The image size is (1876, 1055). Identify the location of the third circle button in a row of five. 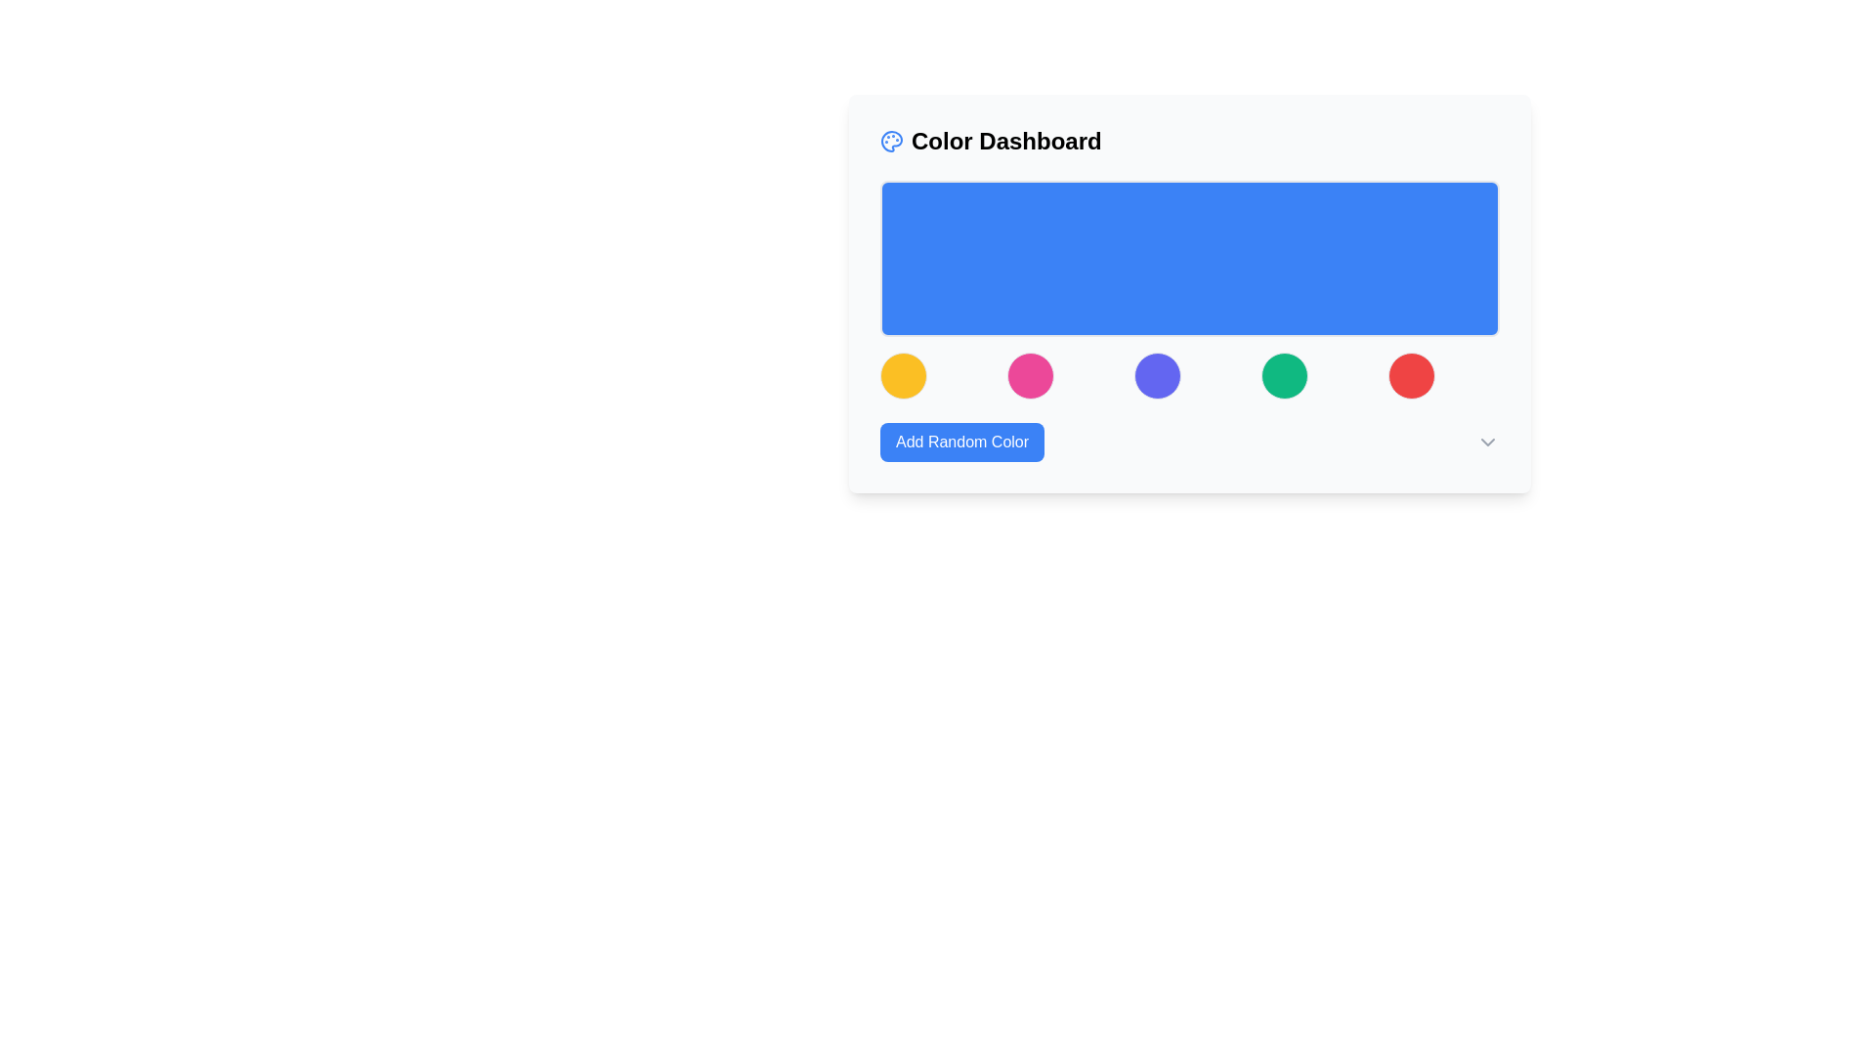
(1158, 376).